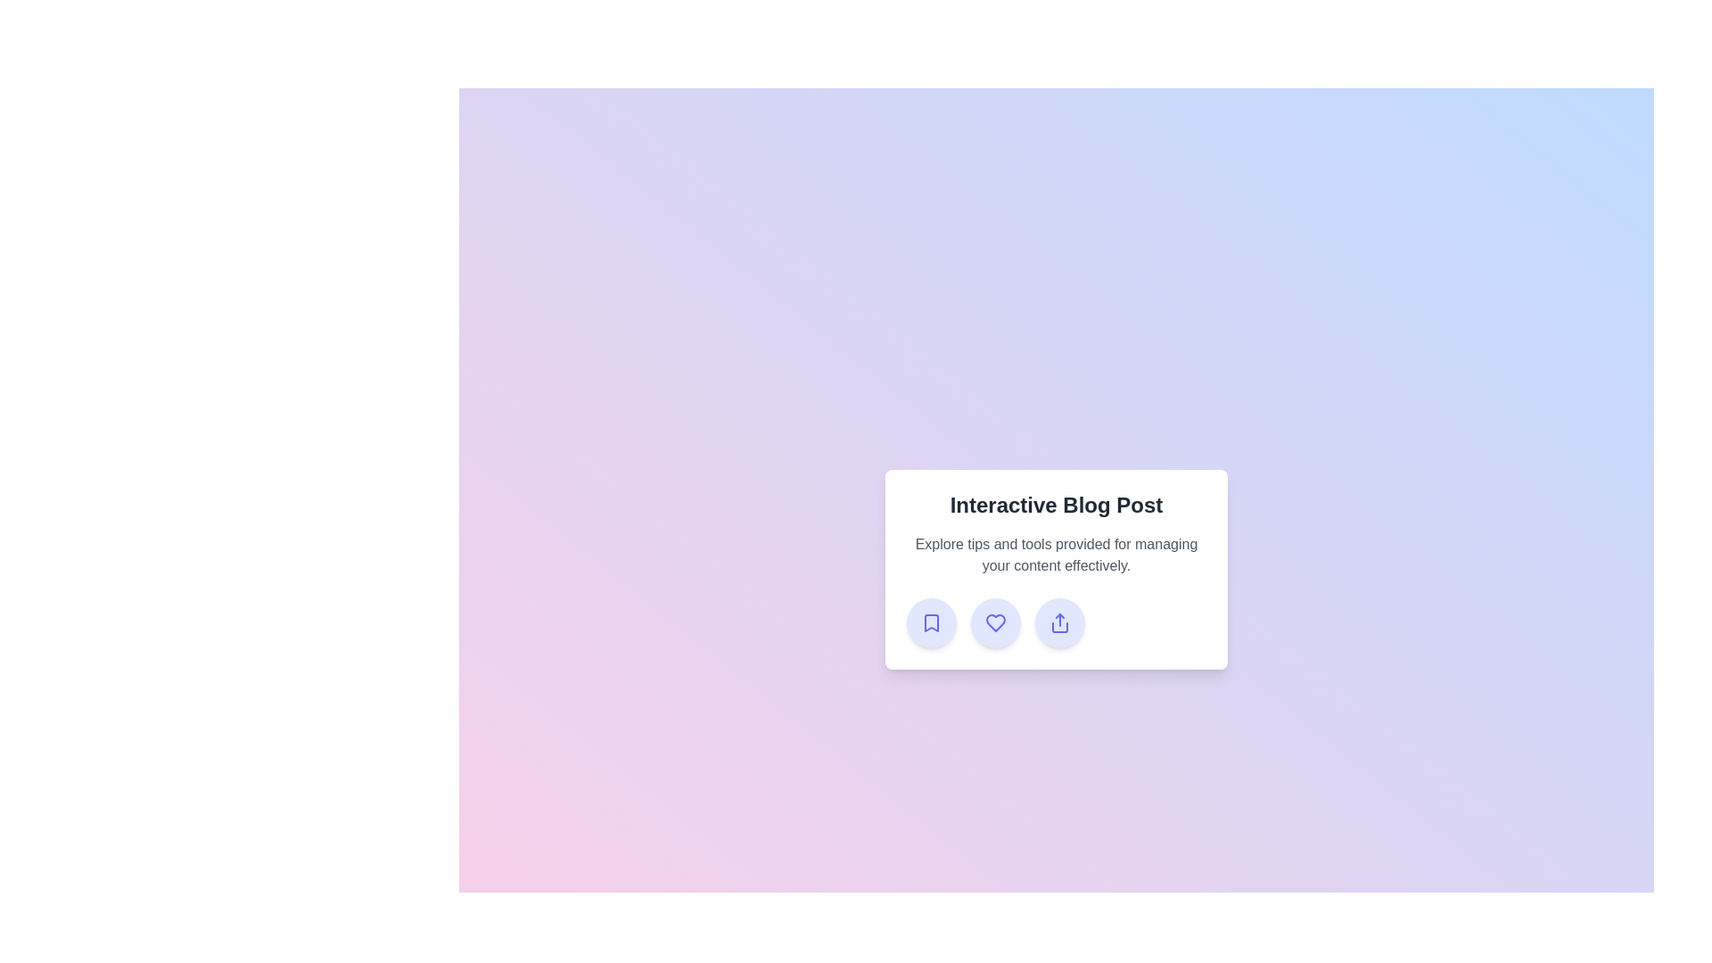 The height and width of the screenshot is (963, 1712). Describe the element at coordinates (931, 621) in the screenshot. I see `the leftmost bookmark icon in the toolbar` at that location.